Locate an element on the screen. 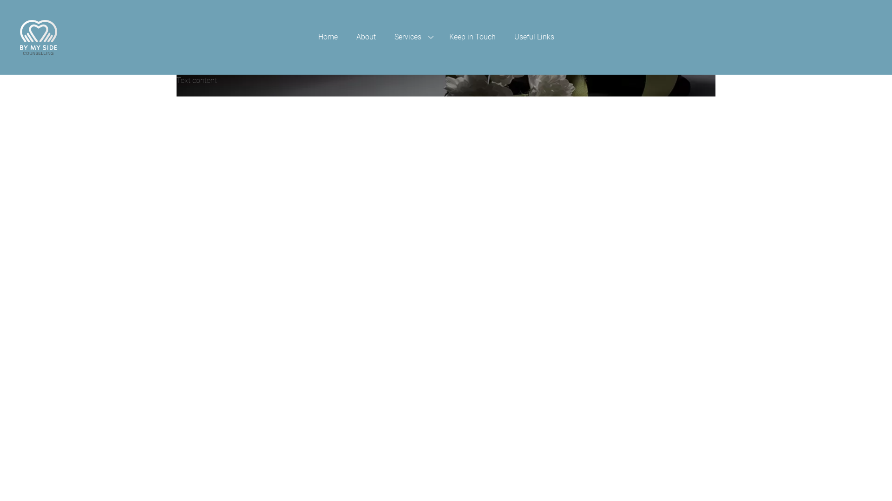  'Keep in Touch' is located at coordinates (439, 37).